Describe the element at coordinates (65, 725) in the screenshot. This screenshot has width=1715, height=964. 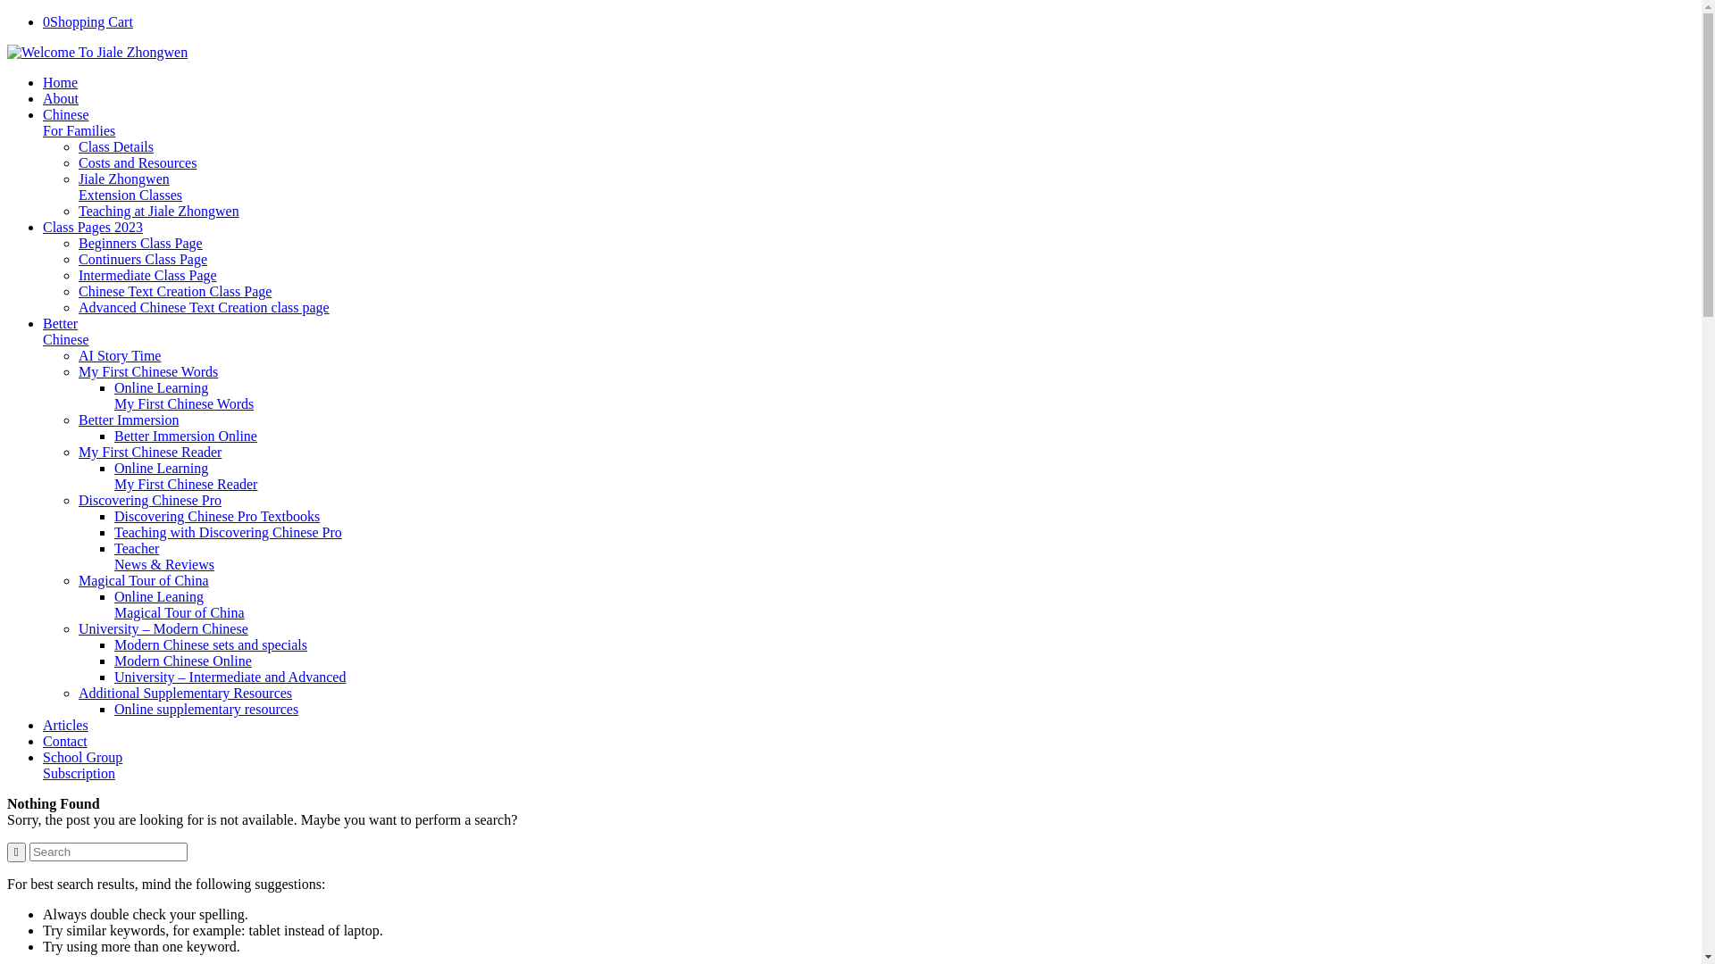
I see `'Articles'` at that location.